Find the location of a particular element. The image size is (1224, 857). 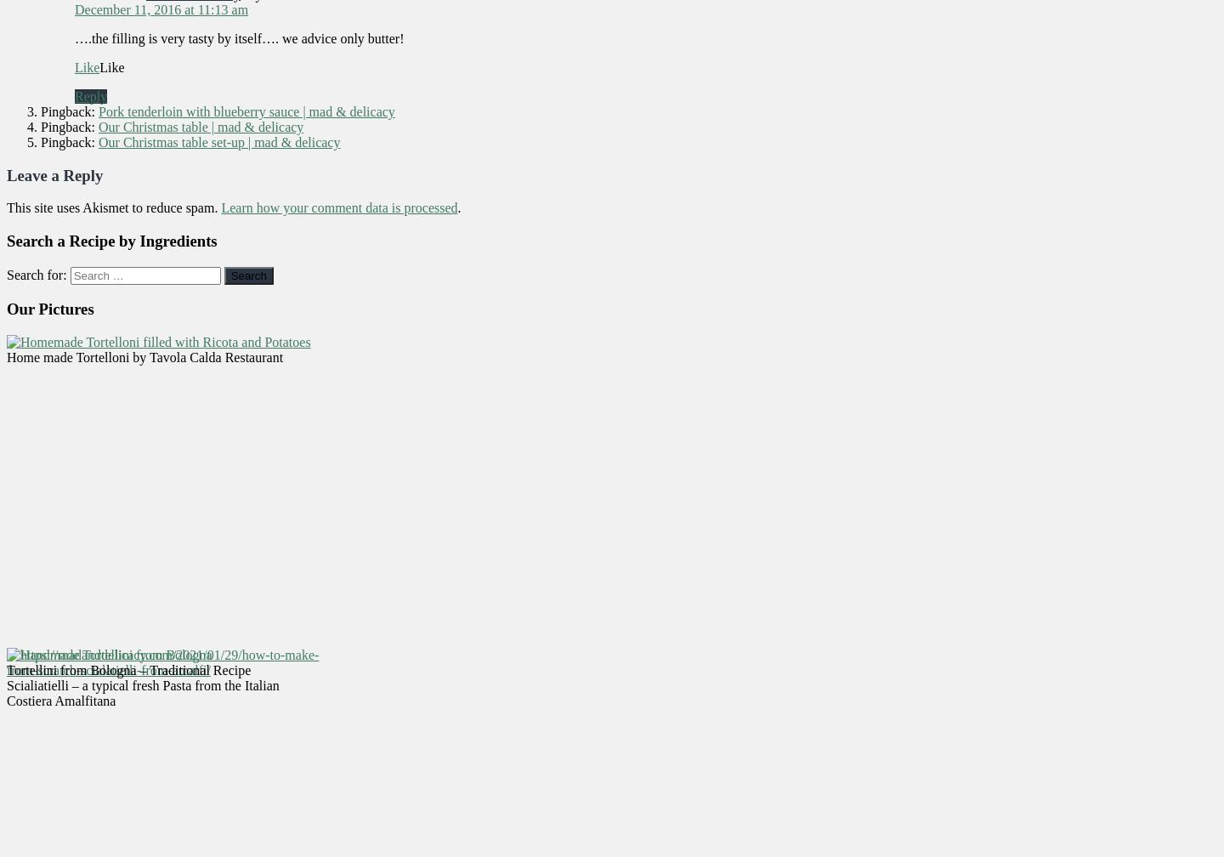

'….the filling is very tasty by itself…. we advice only butter!' is located at coordinates (238, 37).